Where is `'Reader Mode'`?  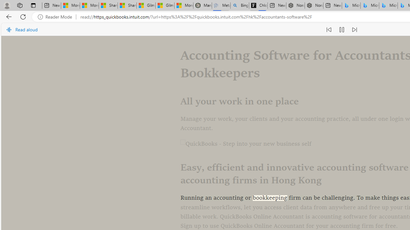 'Reader Mode' is located at coordinates (57, 17).